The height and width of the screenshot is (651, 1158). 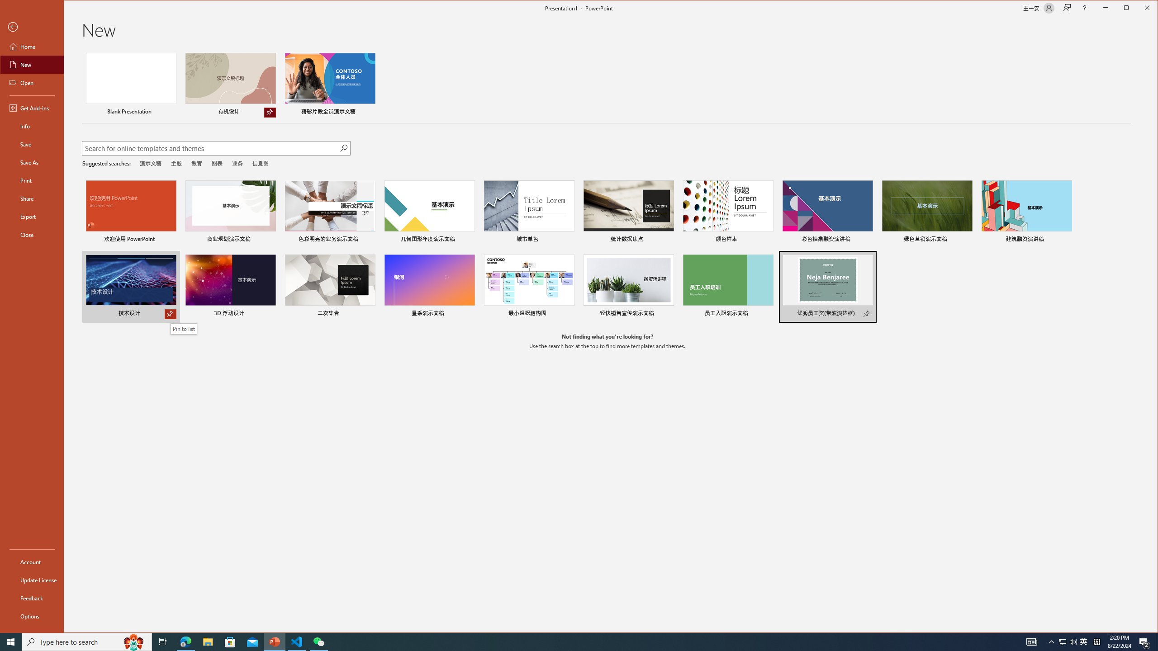 I want to click on 'Get Add-ins', so click(x=31, y=108).